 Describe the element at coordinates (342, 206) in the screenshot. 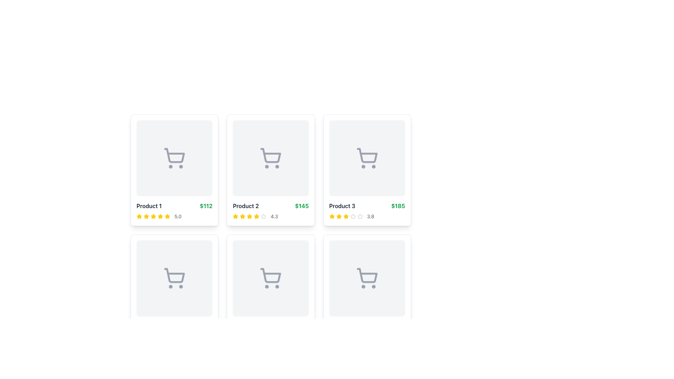

I see `the Text label of 'Product 3' located in the top-right section of the card grid, positioned above the rating indicators and to the left of the price` at that location.